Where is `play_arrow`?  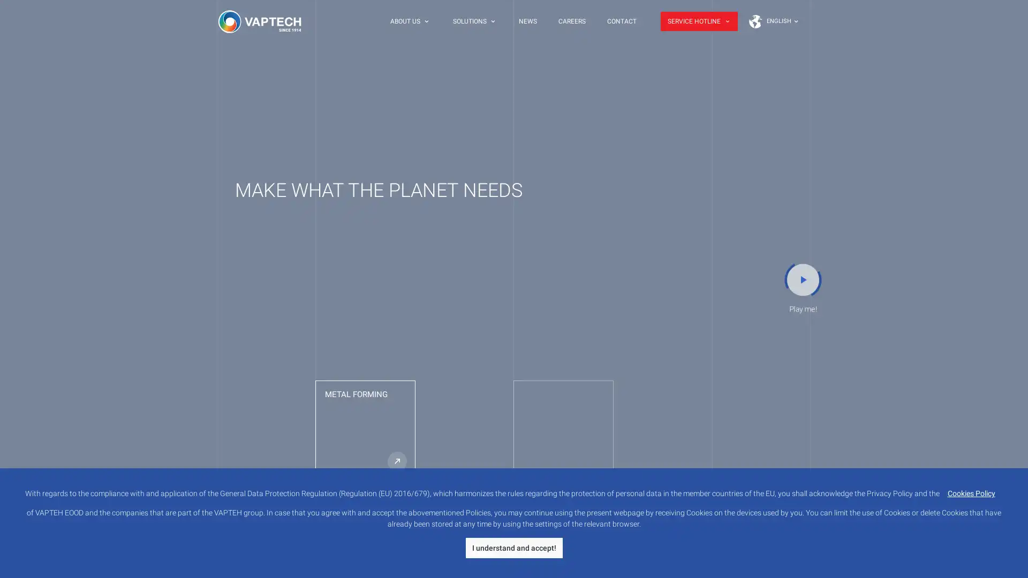 play_arrow is located at coordinates (803, 278).